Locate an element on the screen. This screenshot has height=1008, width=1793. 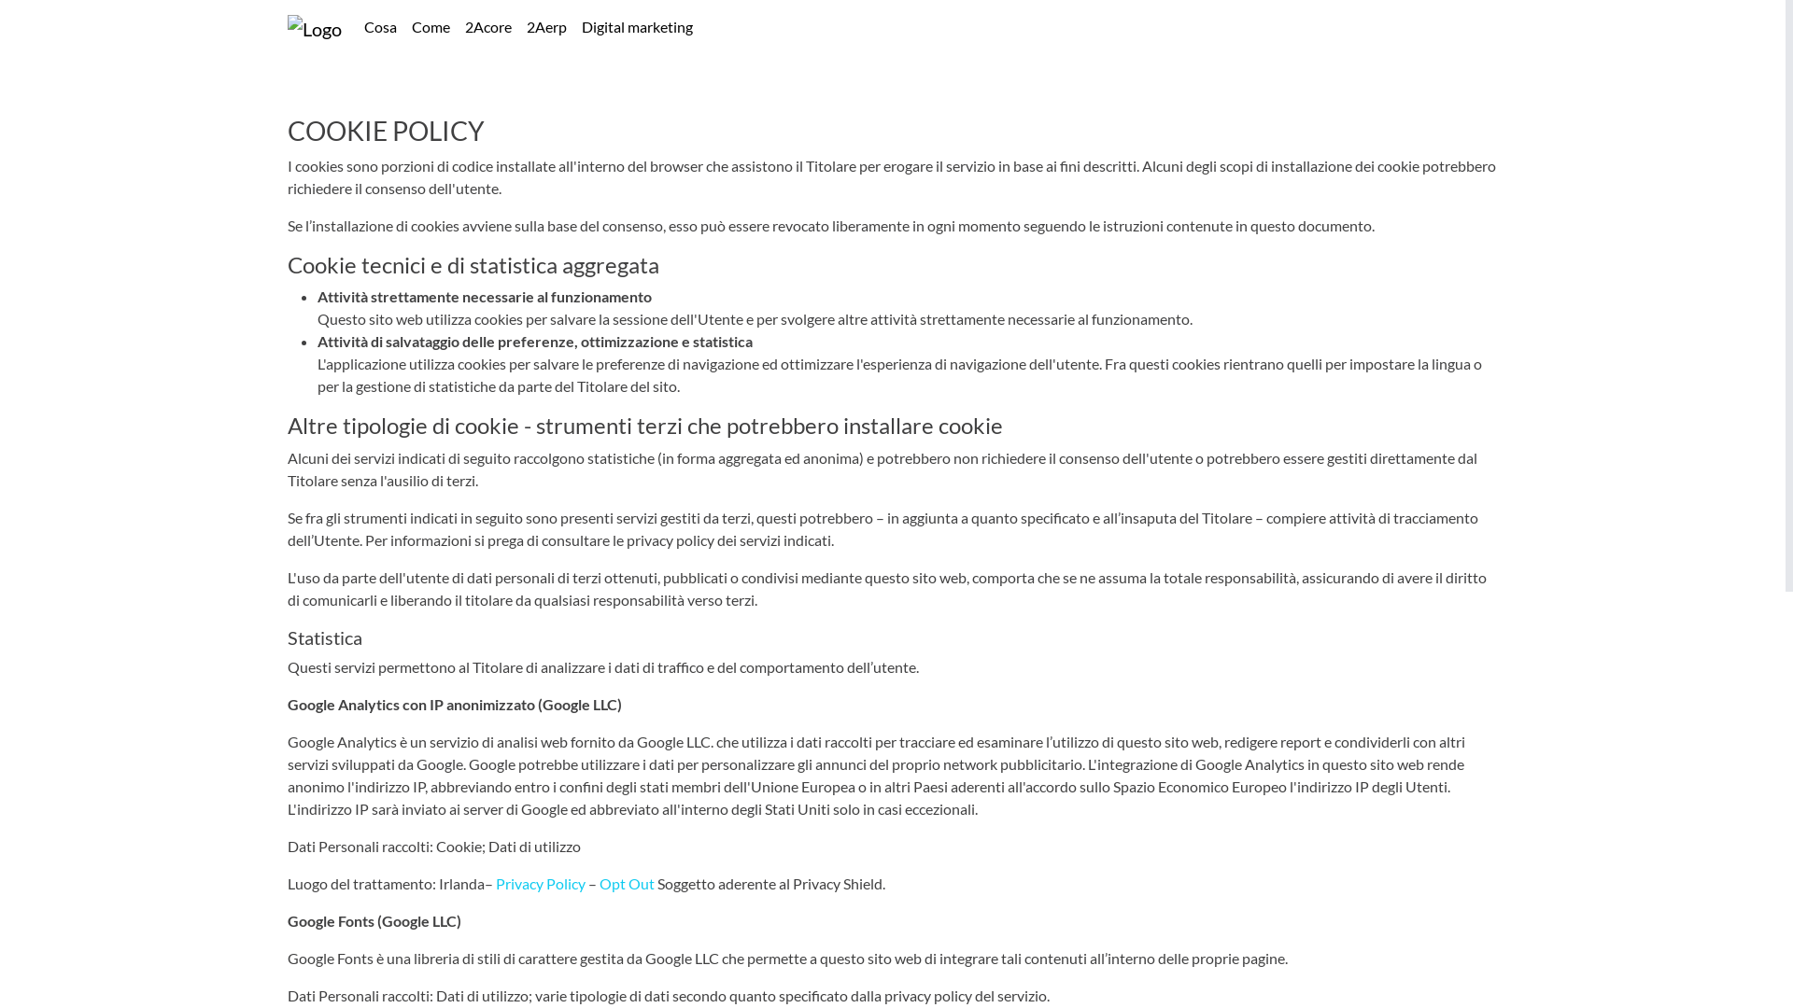
'Digital marketing' is located at coordinates (572, 27).